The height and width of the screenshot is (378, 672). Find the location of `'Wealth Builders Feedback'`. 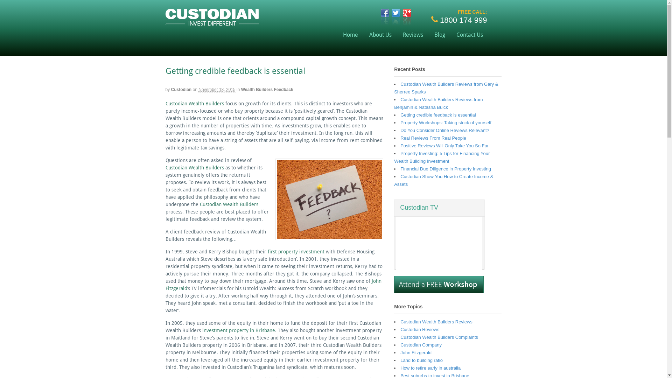

'Wealth Builders Feedback' is located at coordinates (267, 89).